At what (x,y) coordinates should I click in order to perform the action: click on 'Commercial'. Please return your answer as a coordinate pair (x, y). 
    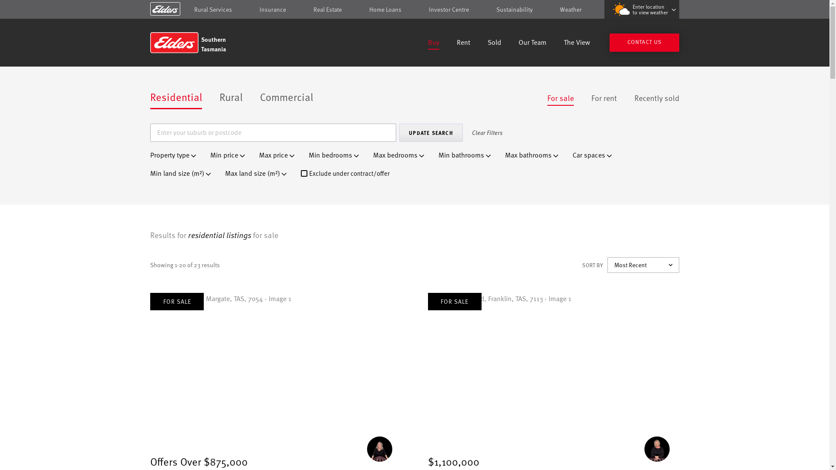
    Looking at the image, I should click on (286, 97).